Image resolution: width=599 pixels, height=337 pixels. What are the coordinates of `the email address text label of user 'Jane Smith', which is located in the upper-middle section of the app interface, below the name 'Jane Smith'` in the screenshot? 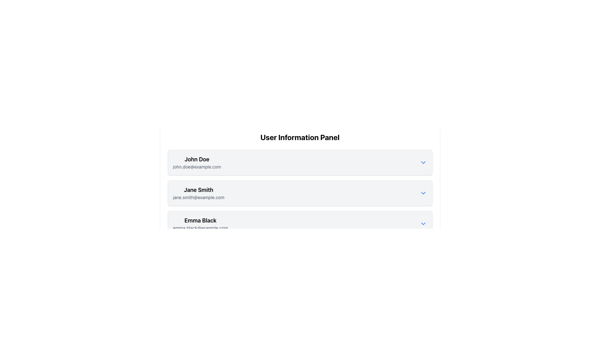 It's located at (198, 197).